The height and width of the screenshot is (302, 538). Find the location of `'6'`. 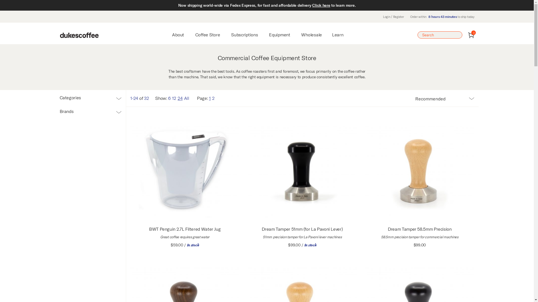

'6' is located at coordinates (168, 98).